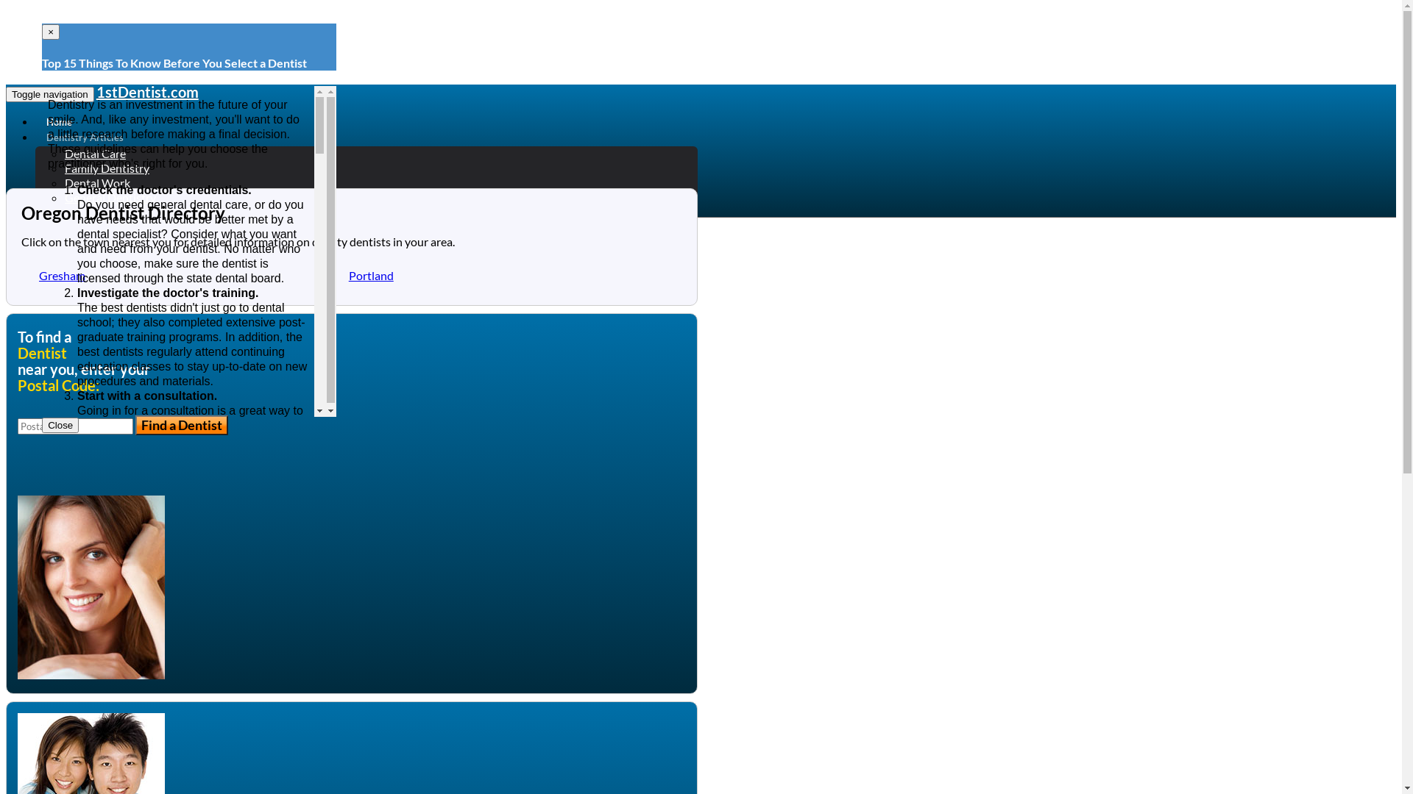  I want to click on 'Home', so click(59, 121).